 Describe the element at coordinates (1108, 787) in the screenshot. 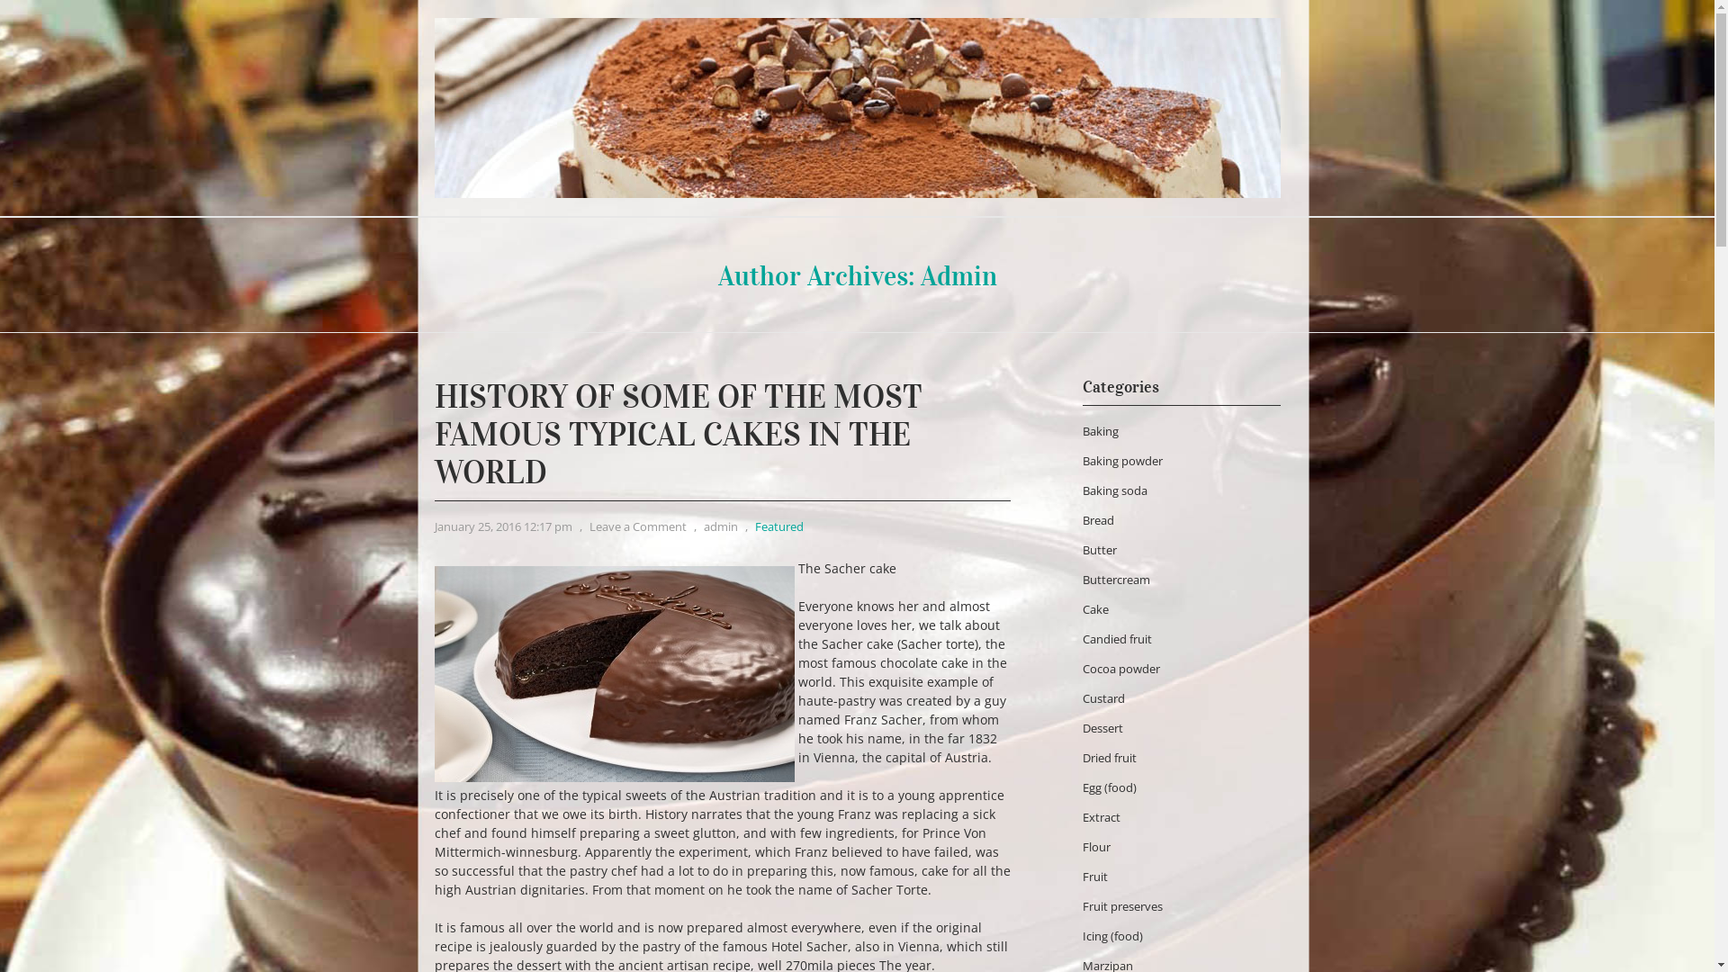

I see `'Egg (food)'` at that location.